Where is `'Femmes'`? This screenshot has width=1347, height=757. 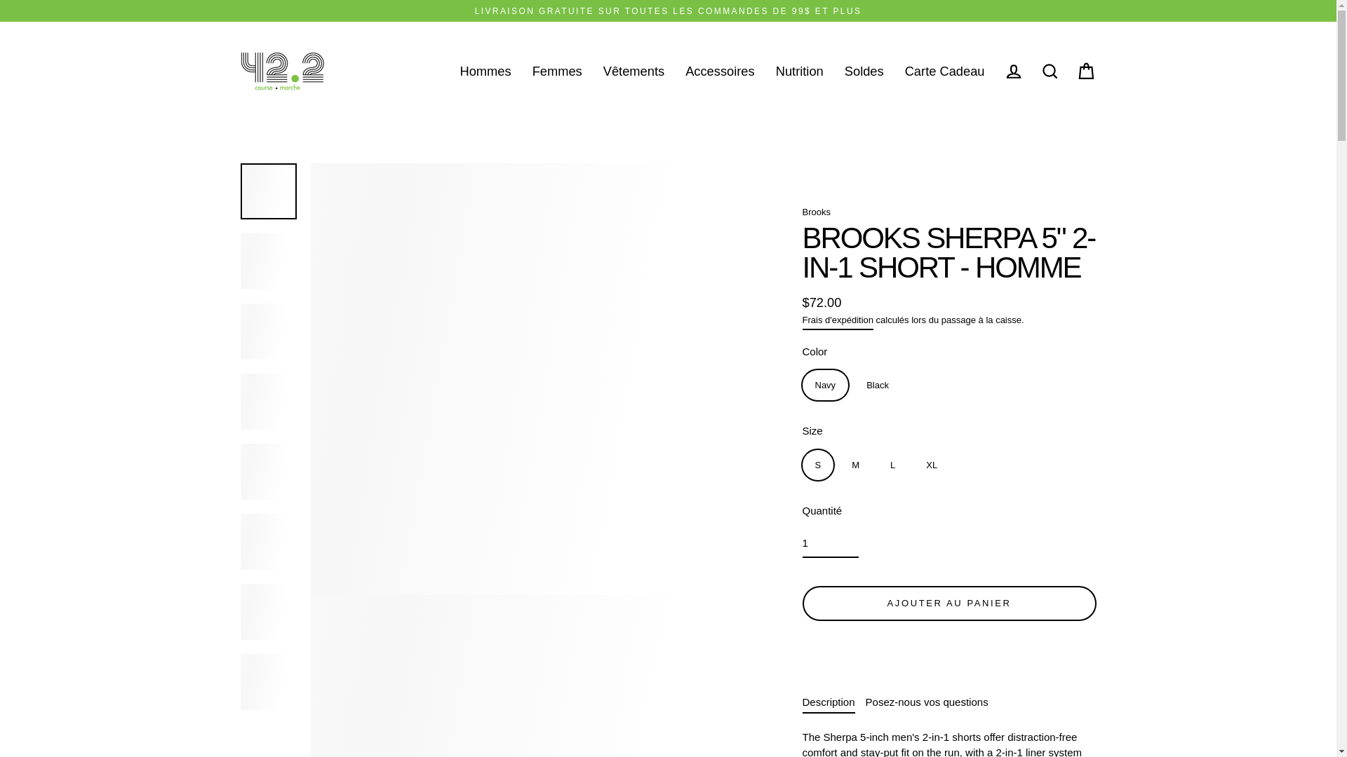
'Femmes' is located at coordinates (556, 71).